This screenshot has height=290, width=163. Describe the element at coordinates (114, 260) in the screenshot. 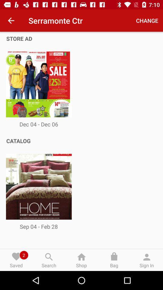

I see `the option bag at left of sign in` at that location.